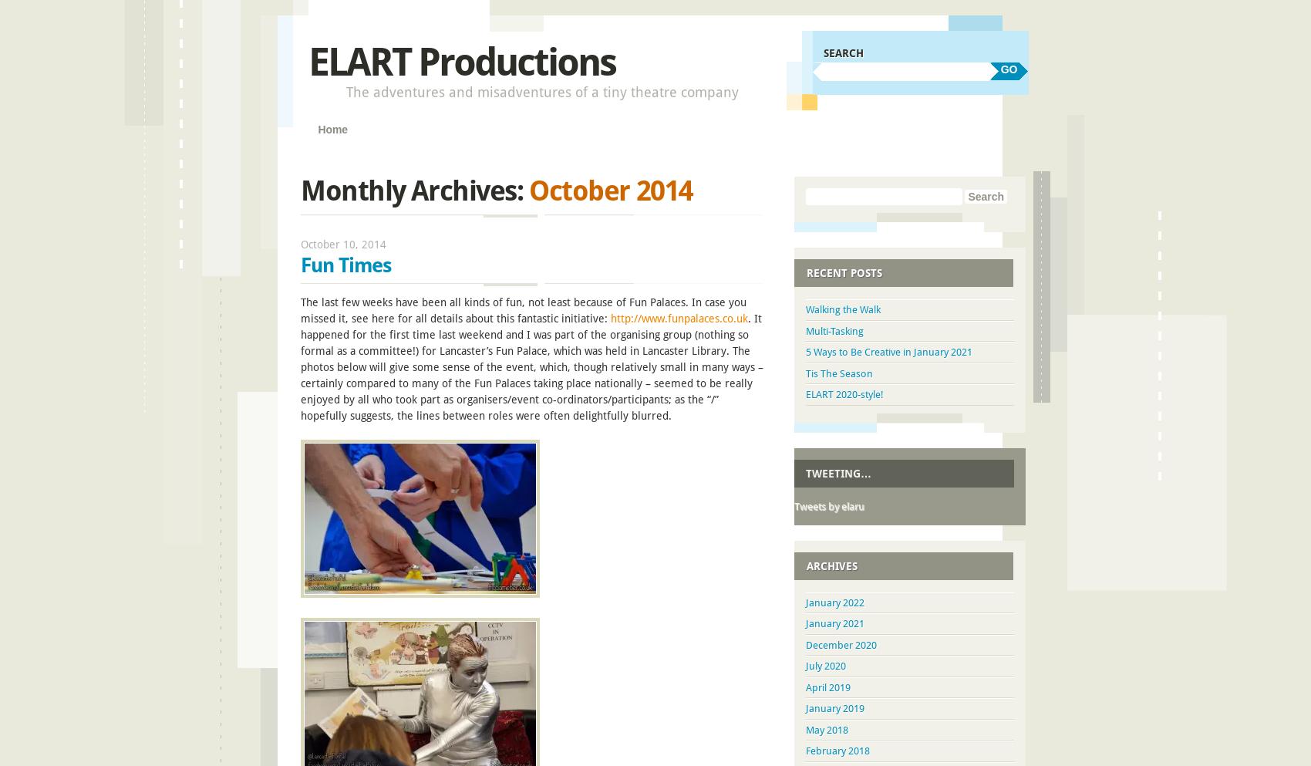 The width and height of the screenshot is (1311, 766). Describe the element at coordinates (837, 471) in the screenshot. I see `'Tweeting…'` at that location.